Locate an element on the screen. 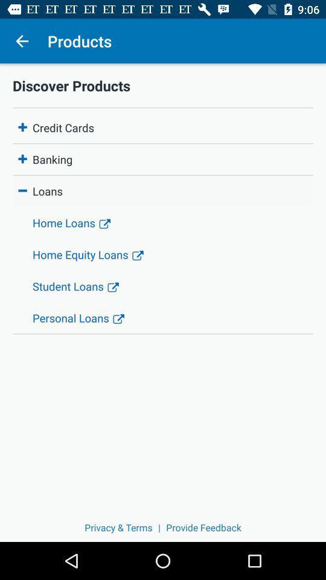  the icon to the left of | icon is located at coordinates (118, 527).